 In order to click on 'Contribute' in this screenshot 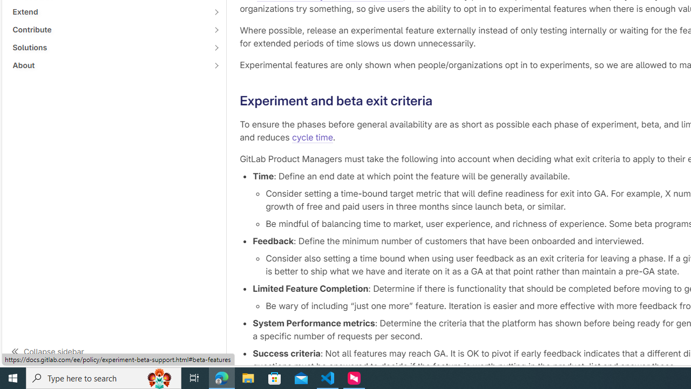, I will do `click(108, 29)`.